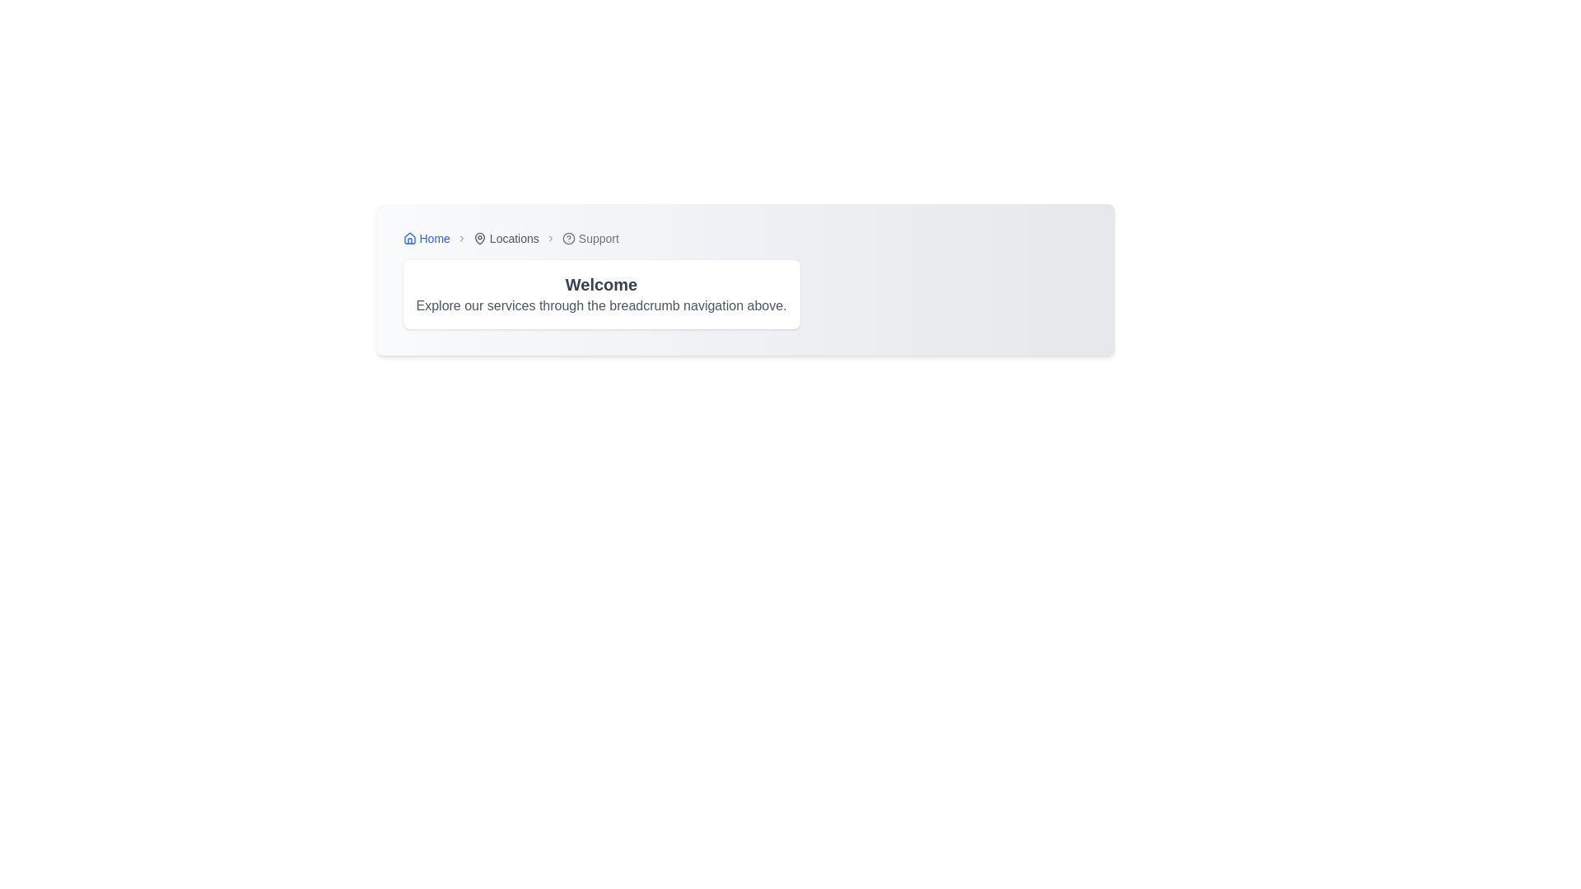 This screenshot has height=889, width=1581. What do you see at coordinates (427, 238) in the screenshot?
I see `the Anchor link located at the far-left of the breadcrumb navigation bar` at bounding box center [427, 238].